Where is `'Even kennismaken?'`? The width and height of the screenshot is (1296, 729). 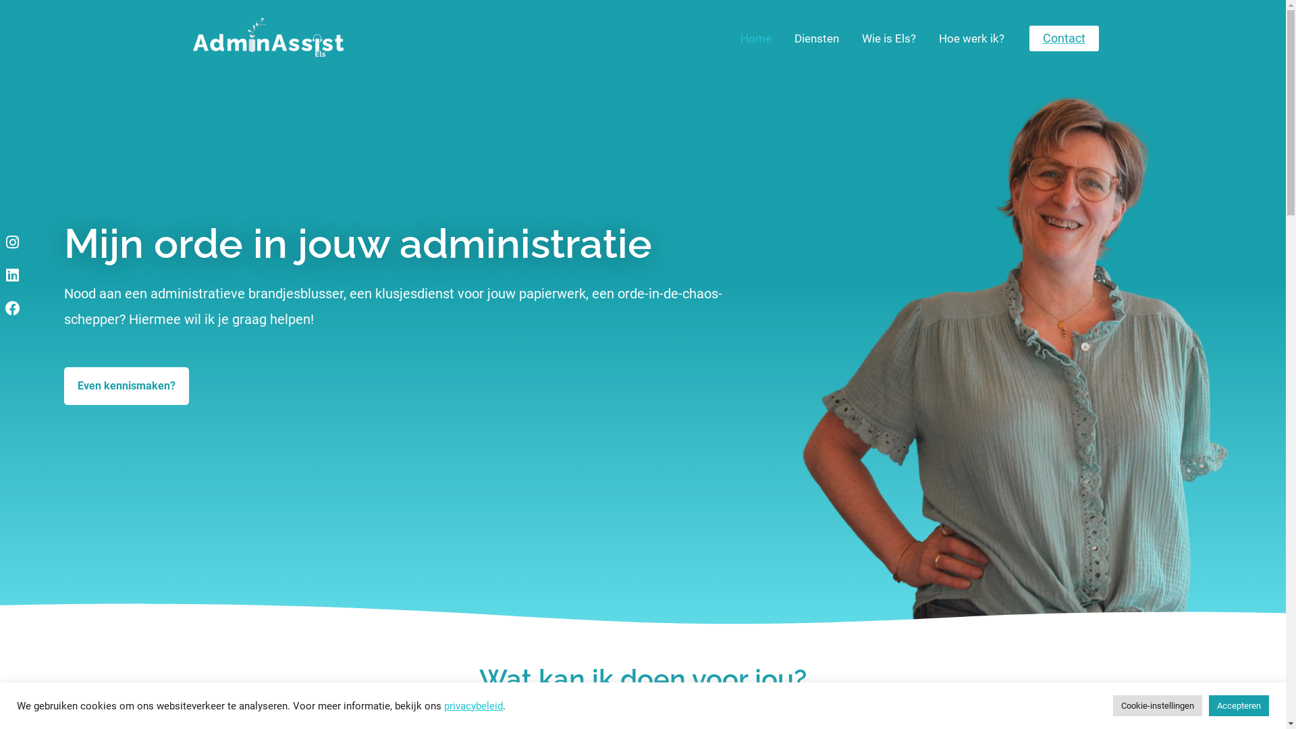
'Even kennismaken?' is located at coordinates (63, 385).